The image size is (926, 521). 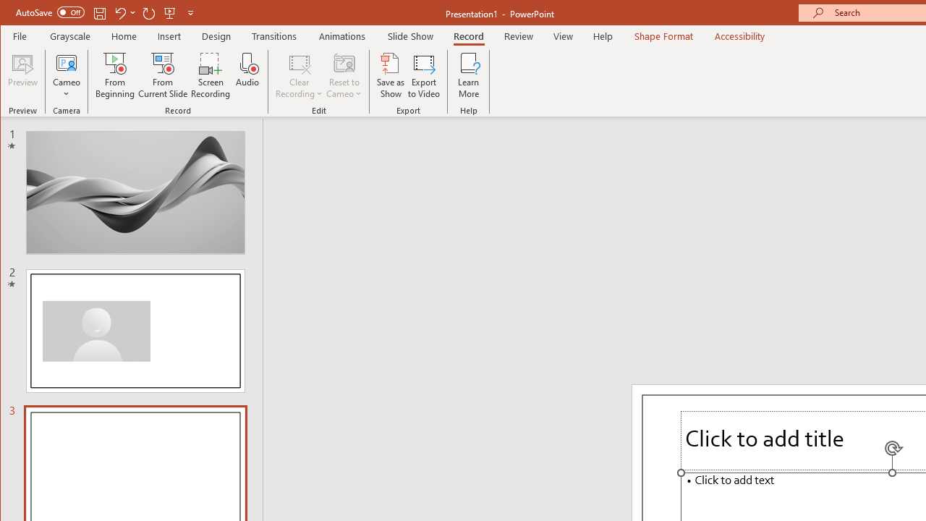 I want to click on 'Learn More', so click(x=469, y=75).